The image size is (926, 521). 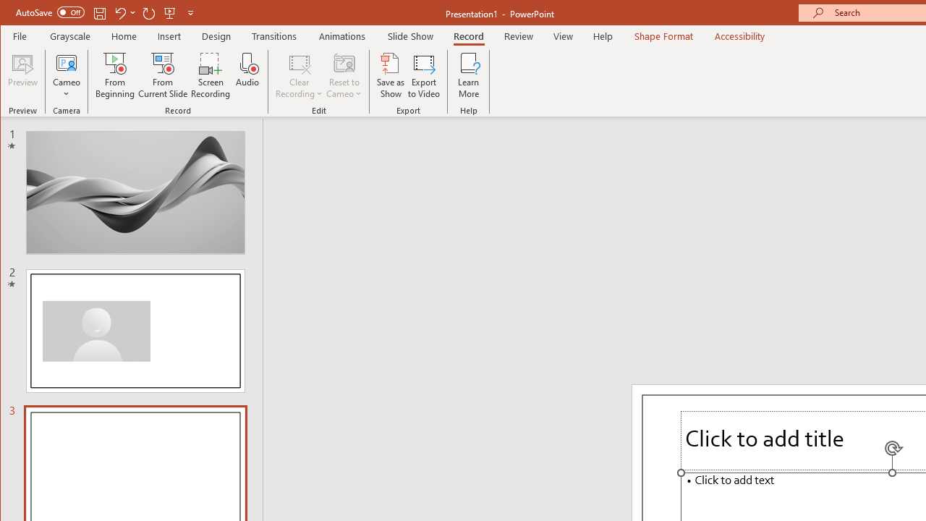 I want to click on 'Learn More', so click(x=469, y=75).